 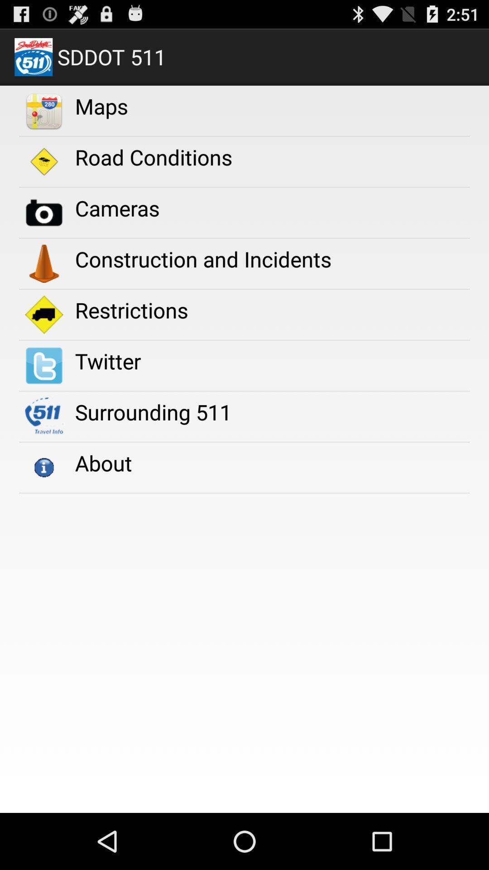 I want to click on construction and incidents icon, so click(x=202, y=258).